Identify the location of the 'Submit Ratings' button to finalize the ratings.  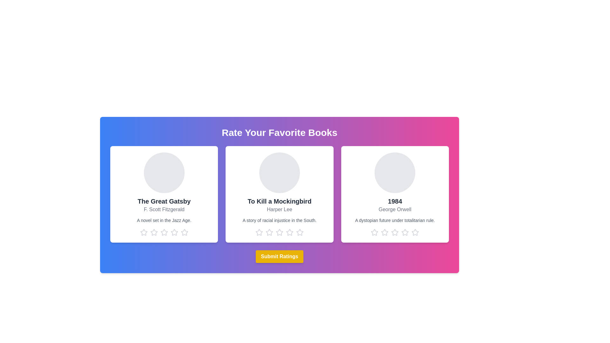
(279, 256).